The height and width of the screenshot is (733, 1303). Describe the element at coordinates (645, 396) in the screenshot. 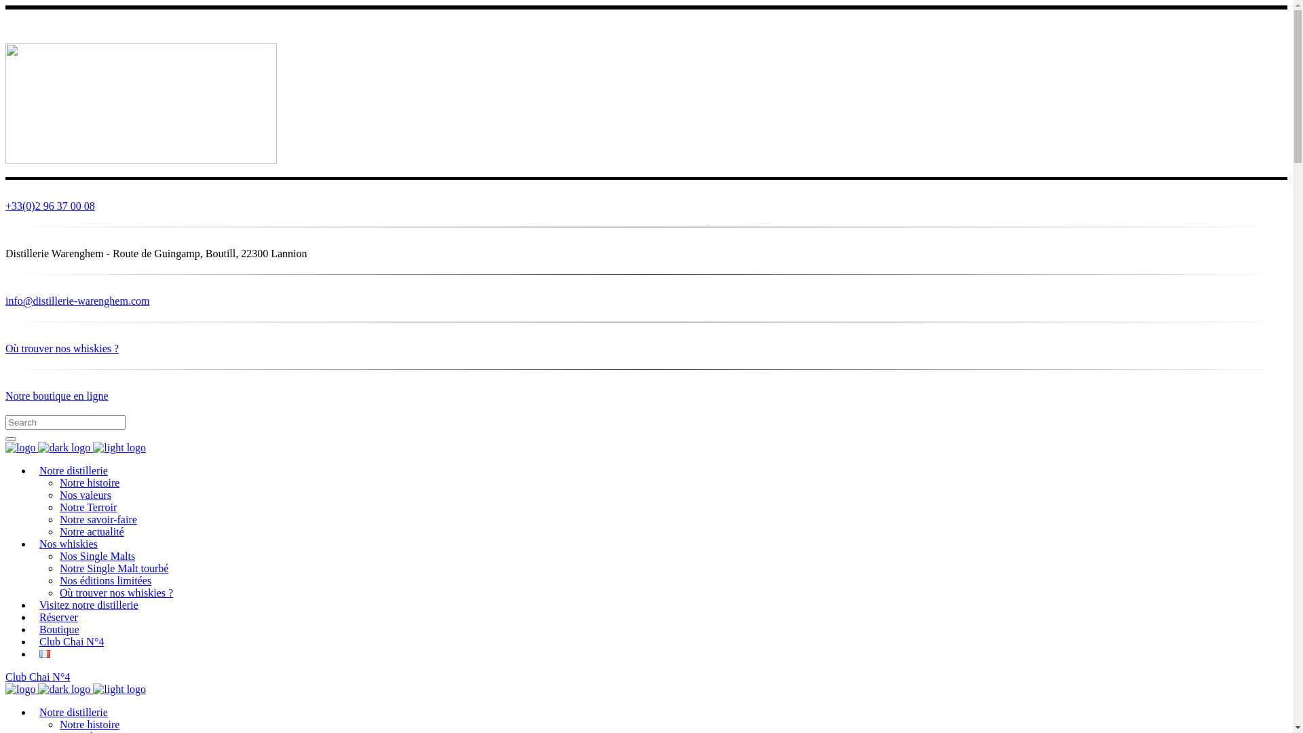

I see `'Notre boutique en ligne'` at that location.